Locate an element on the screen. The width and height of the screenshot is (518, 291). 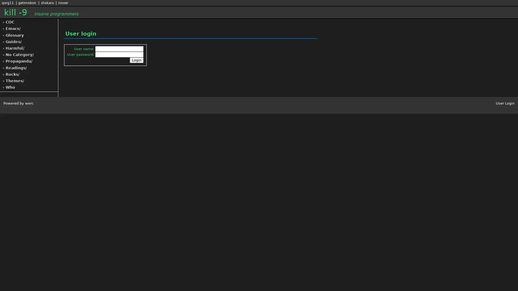
Login is located at coordinates (137, 60).